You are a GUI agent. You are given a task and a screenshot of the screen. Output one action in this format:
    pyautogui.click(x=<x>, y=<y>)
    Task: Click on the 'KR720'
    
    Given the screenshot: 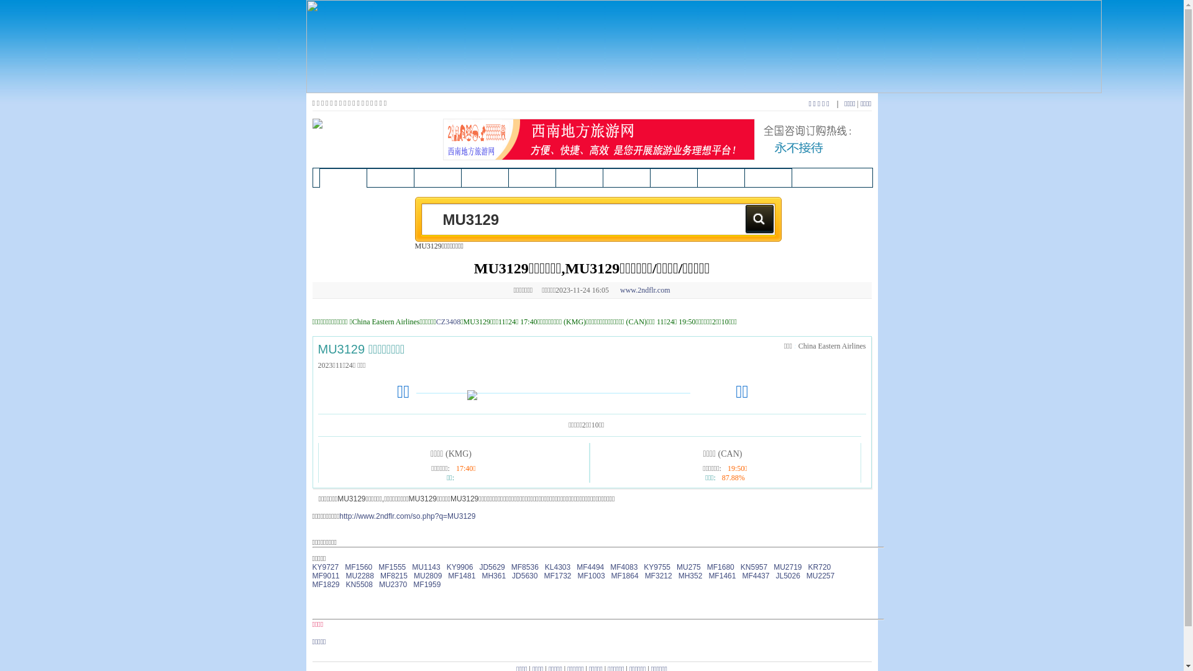 What is the action you would take?
    pyautogui.click(x=820, y=567)
    